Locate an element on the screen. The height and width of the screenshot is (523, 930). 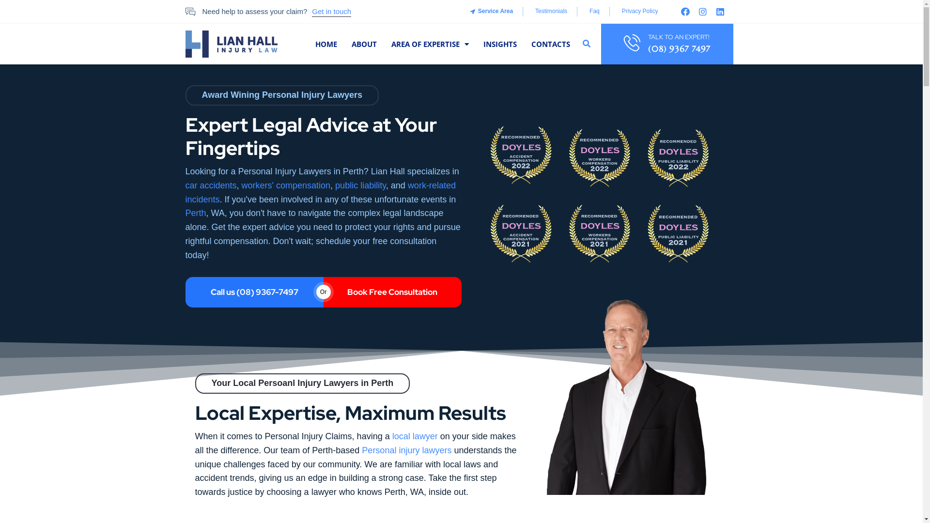
'Testimonials' is located at coordinates (532, 11).